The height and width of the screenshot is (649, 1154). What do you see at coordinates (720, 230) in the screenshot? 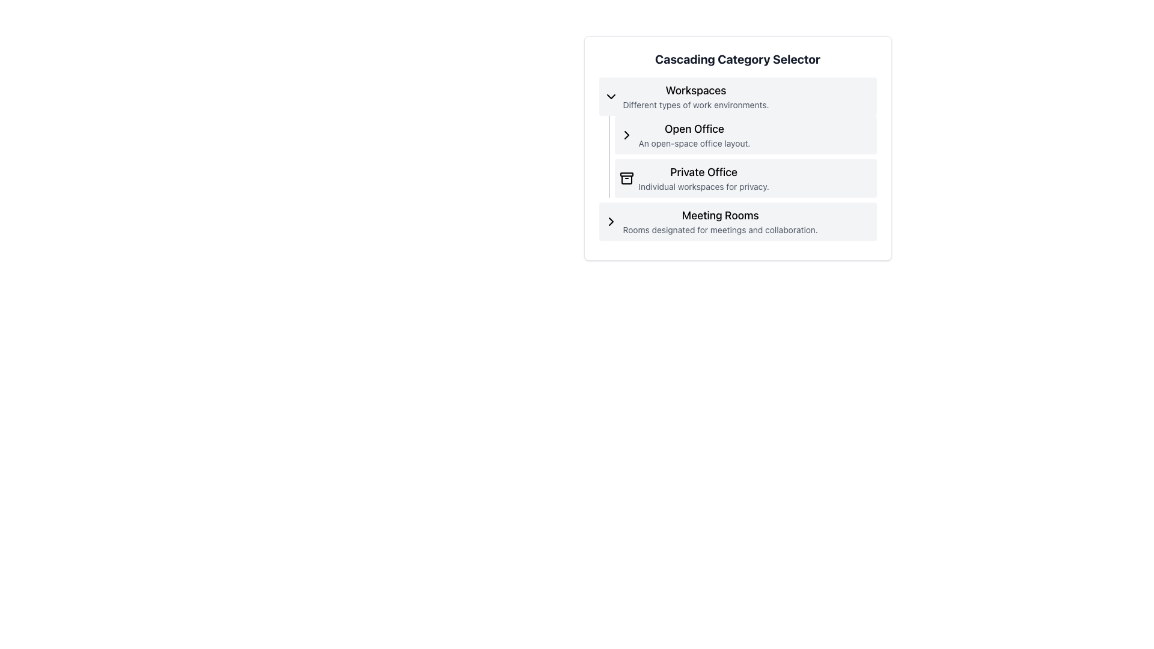
I see `the text label reading 'Rooms designated for meetings and collaboration.' which is styled with a smaller font size and gray color, located directly below the title 'Meeting Rooms.'` at bounding box center [720, 230].